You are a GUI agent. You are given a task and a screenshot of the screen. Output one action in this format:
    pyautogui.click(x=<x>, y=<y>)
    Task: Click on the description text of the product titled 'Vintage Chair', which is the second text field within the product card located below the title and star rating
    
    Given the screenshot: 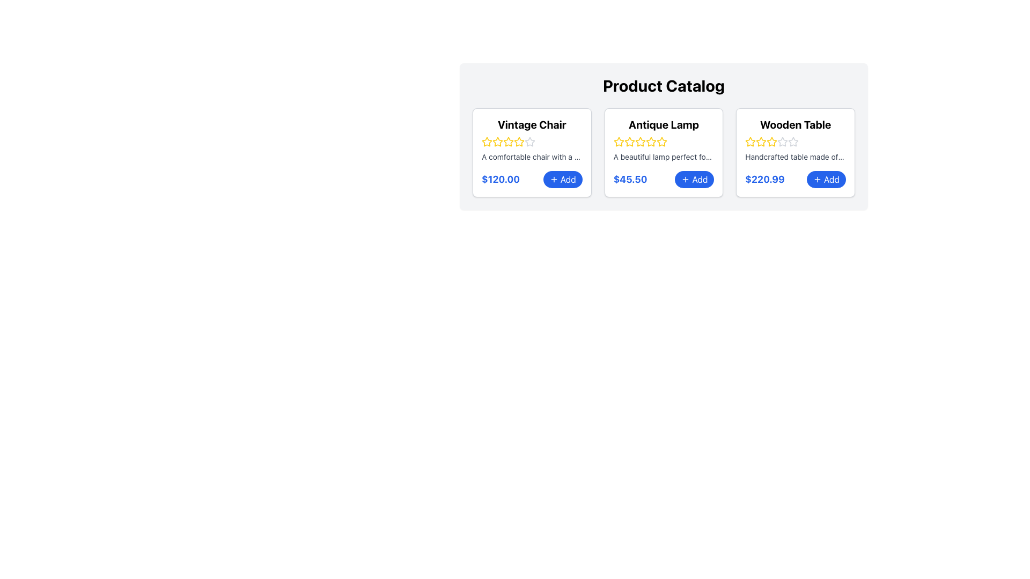 What is the action you would take?
    pyautogui.click(x=532, y=157)
    